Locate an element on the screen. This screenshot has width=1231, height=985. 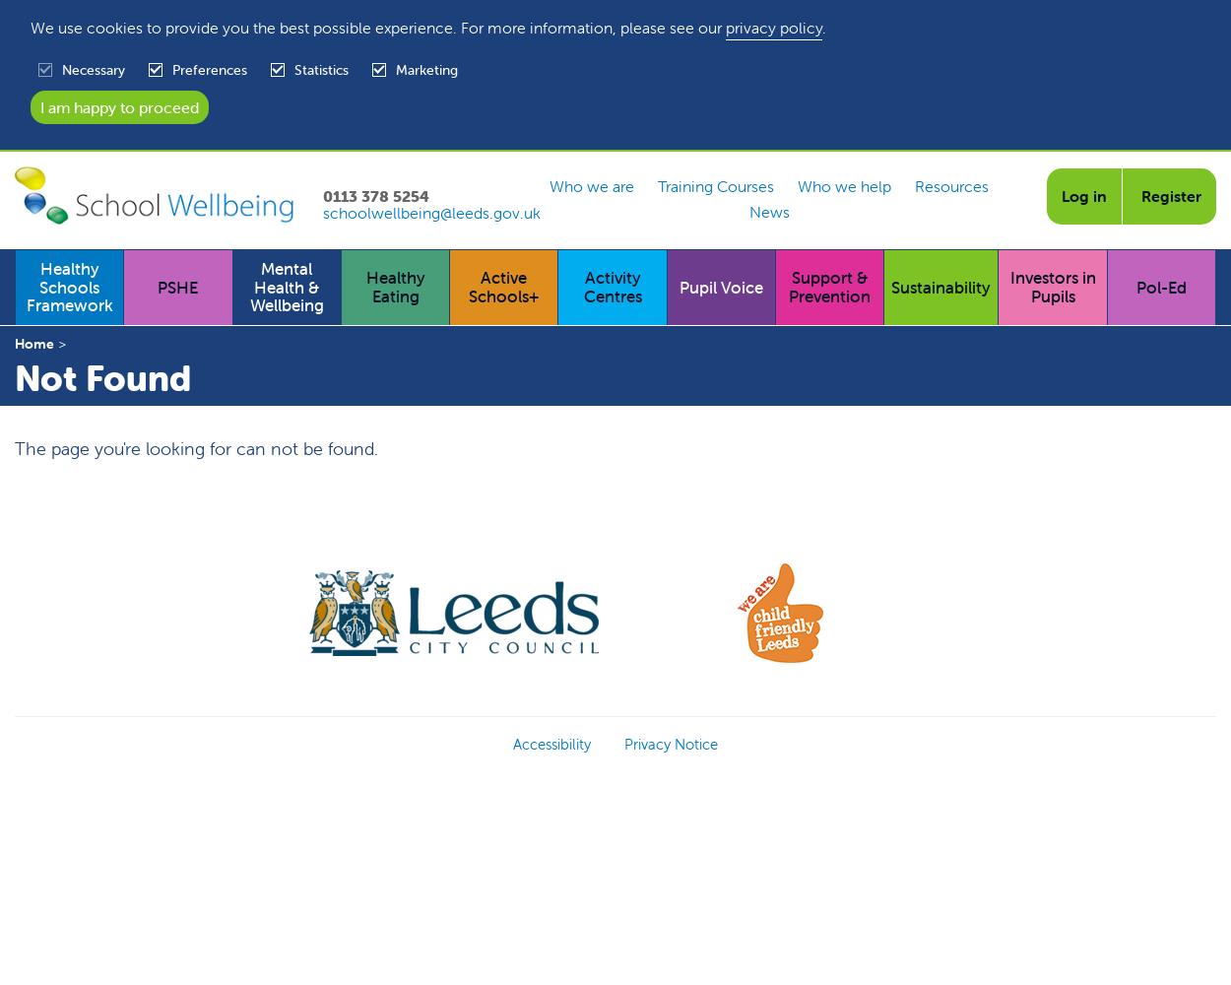
'Accessibility' is located at coordinates (513, 743).